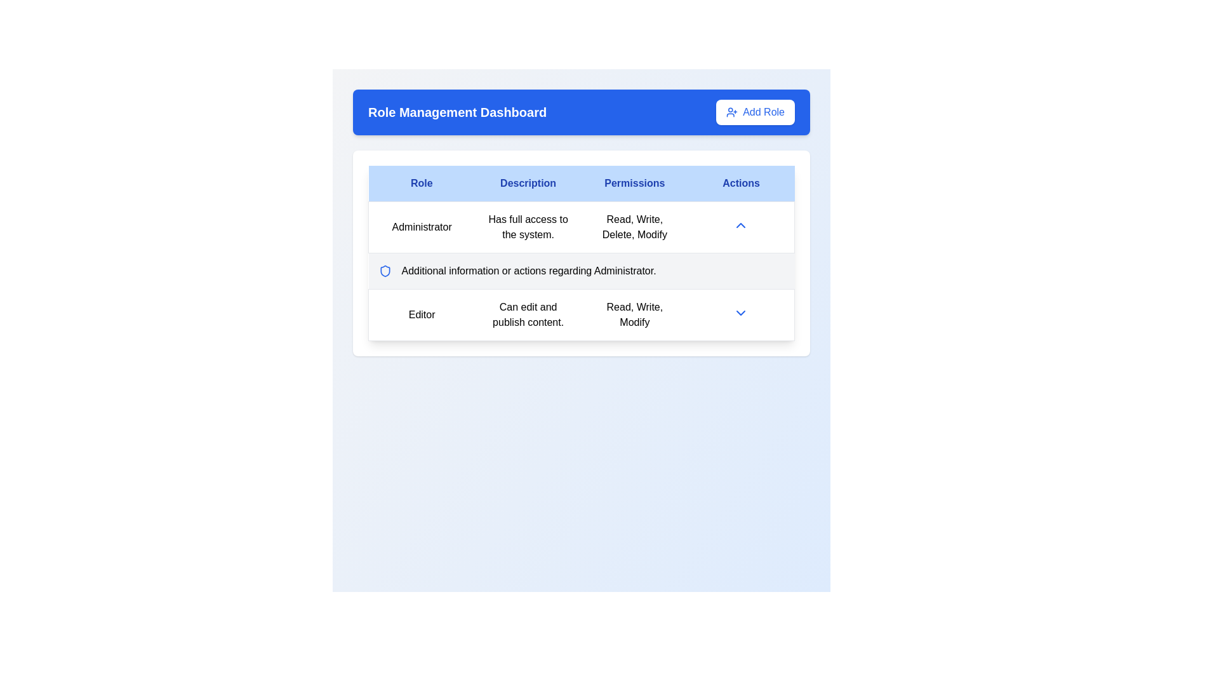  Describe the element at coordinates (756, 112) in the screenshot. I see `the button located on the right-hand side of the blue header banner titled 'Role Management Dashboard'` at that location.